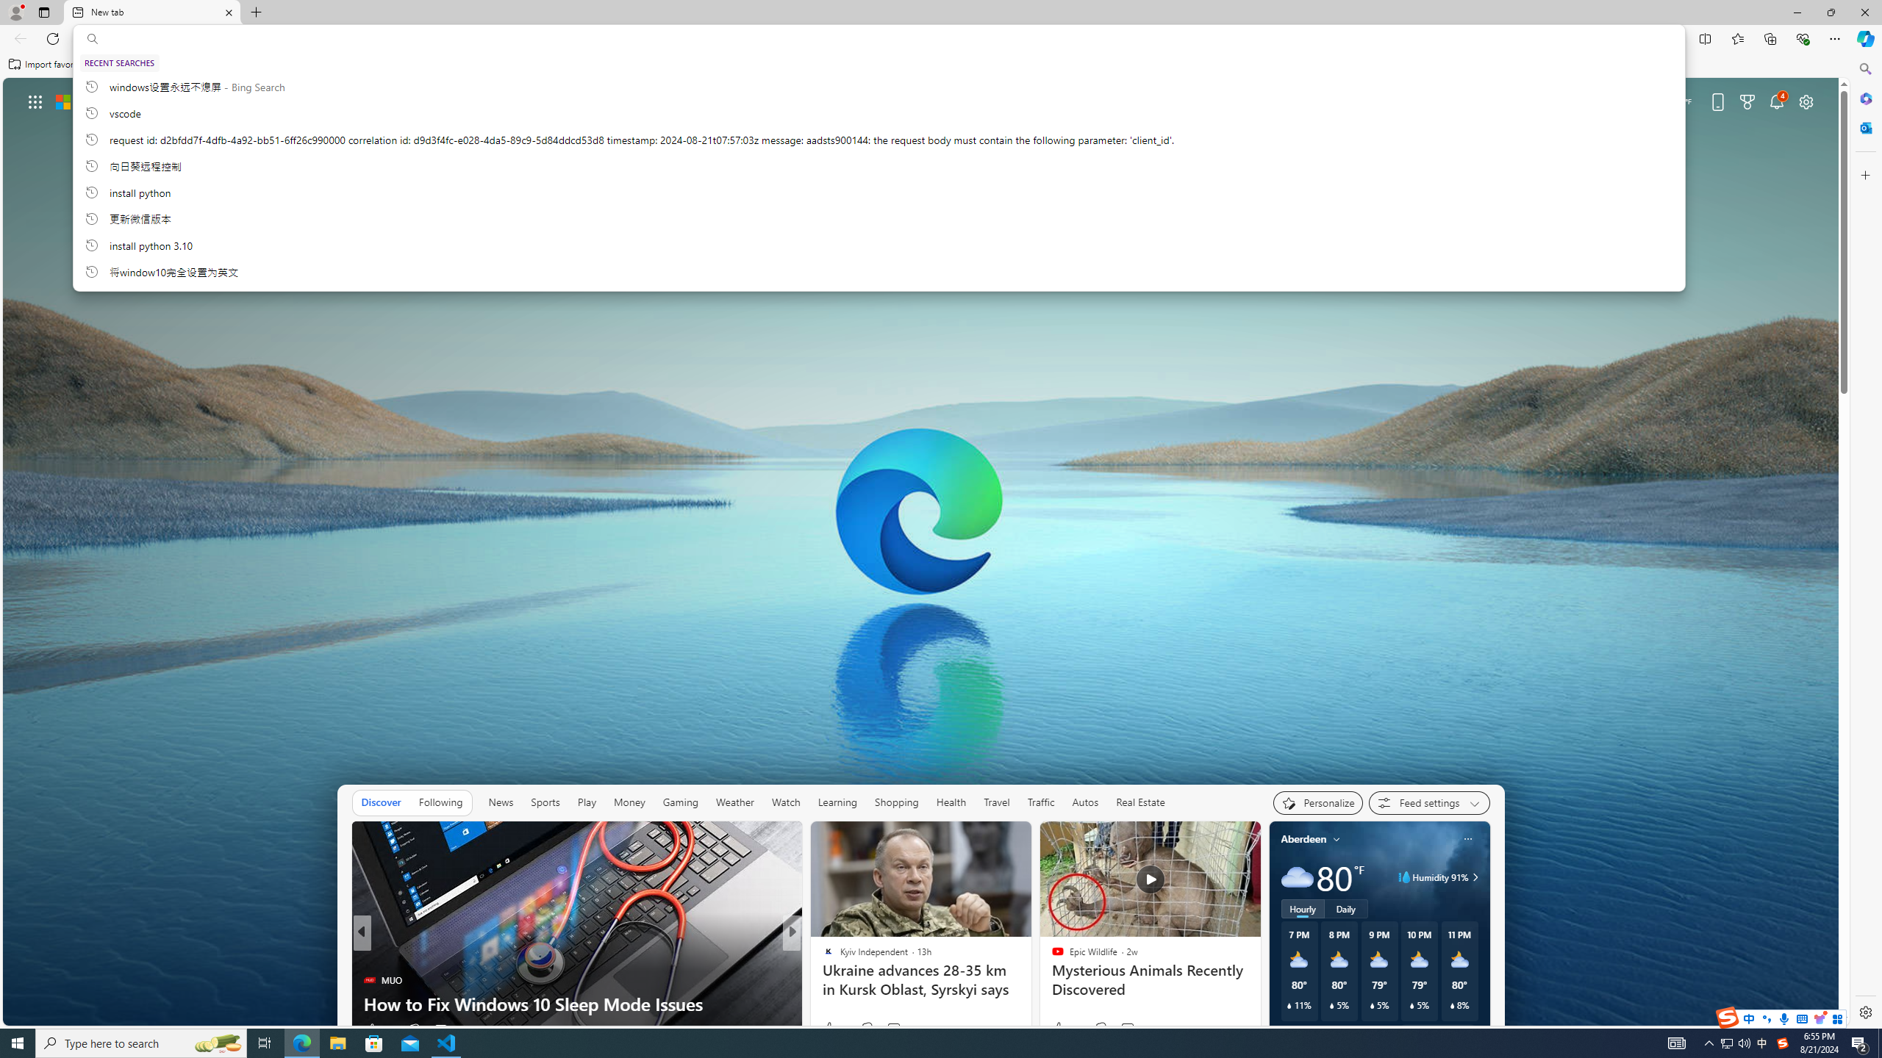  Describe the element at coordinates (1085, 802) in the screenshot. I see `'Autos'` at that location.